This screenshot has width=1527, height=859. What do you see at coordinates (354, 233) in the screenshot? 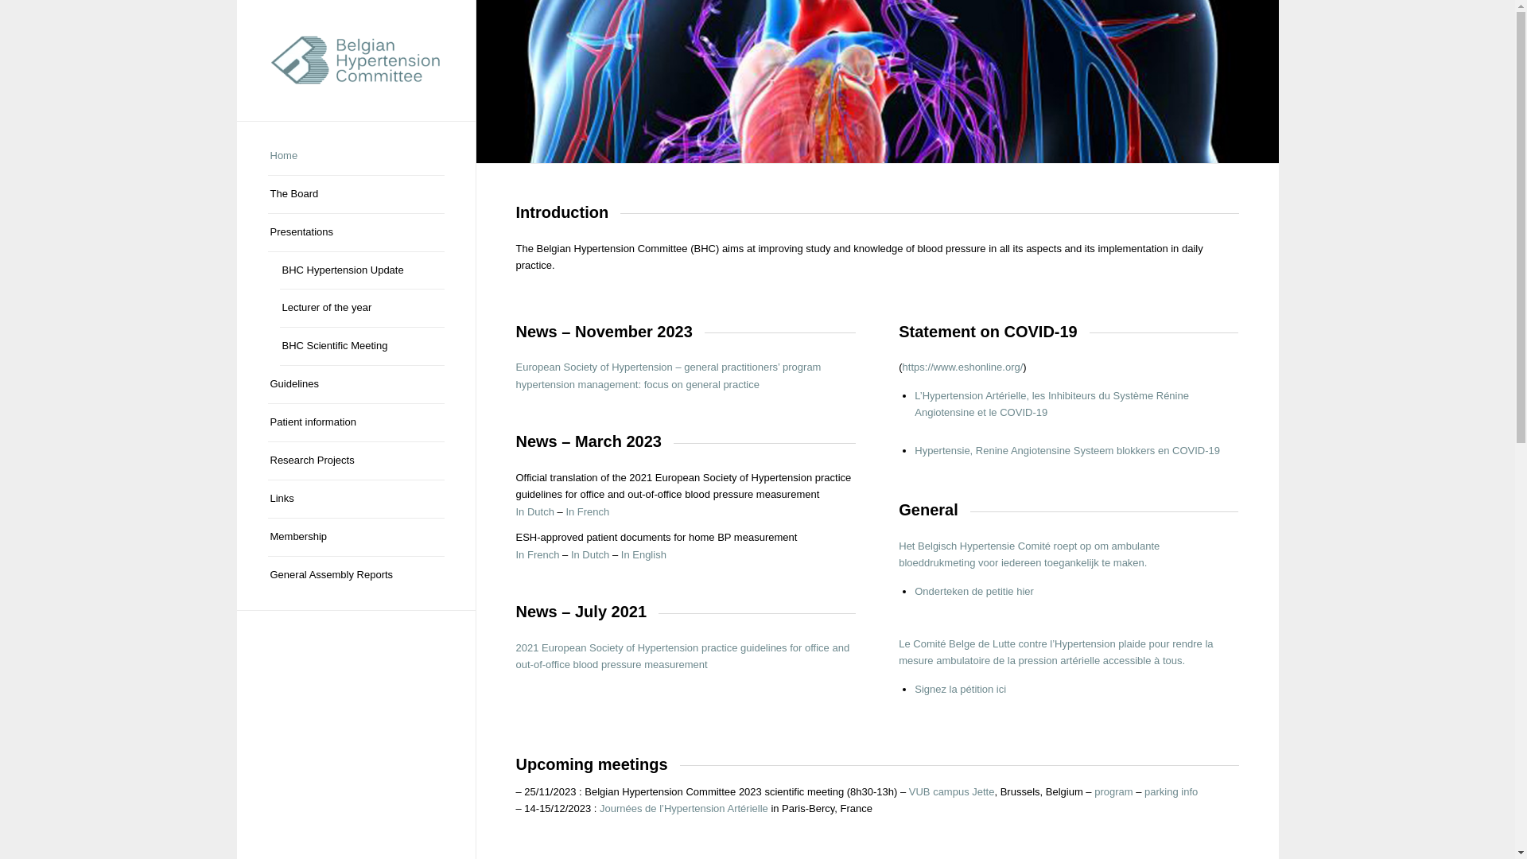
I see `'Presentations'` at bounding box center [354, 233].